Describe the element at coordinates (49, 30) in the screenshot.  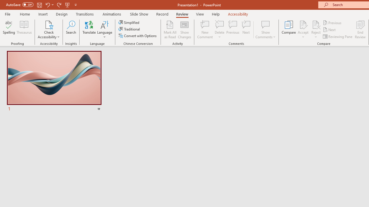
I see `'Check Accessibility'` at that location.